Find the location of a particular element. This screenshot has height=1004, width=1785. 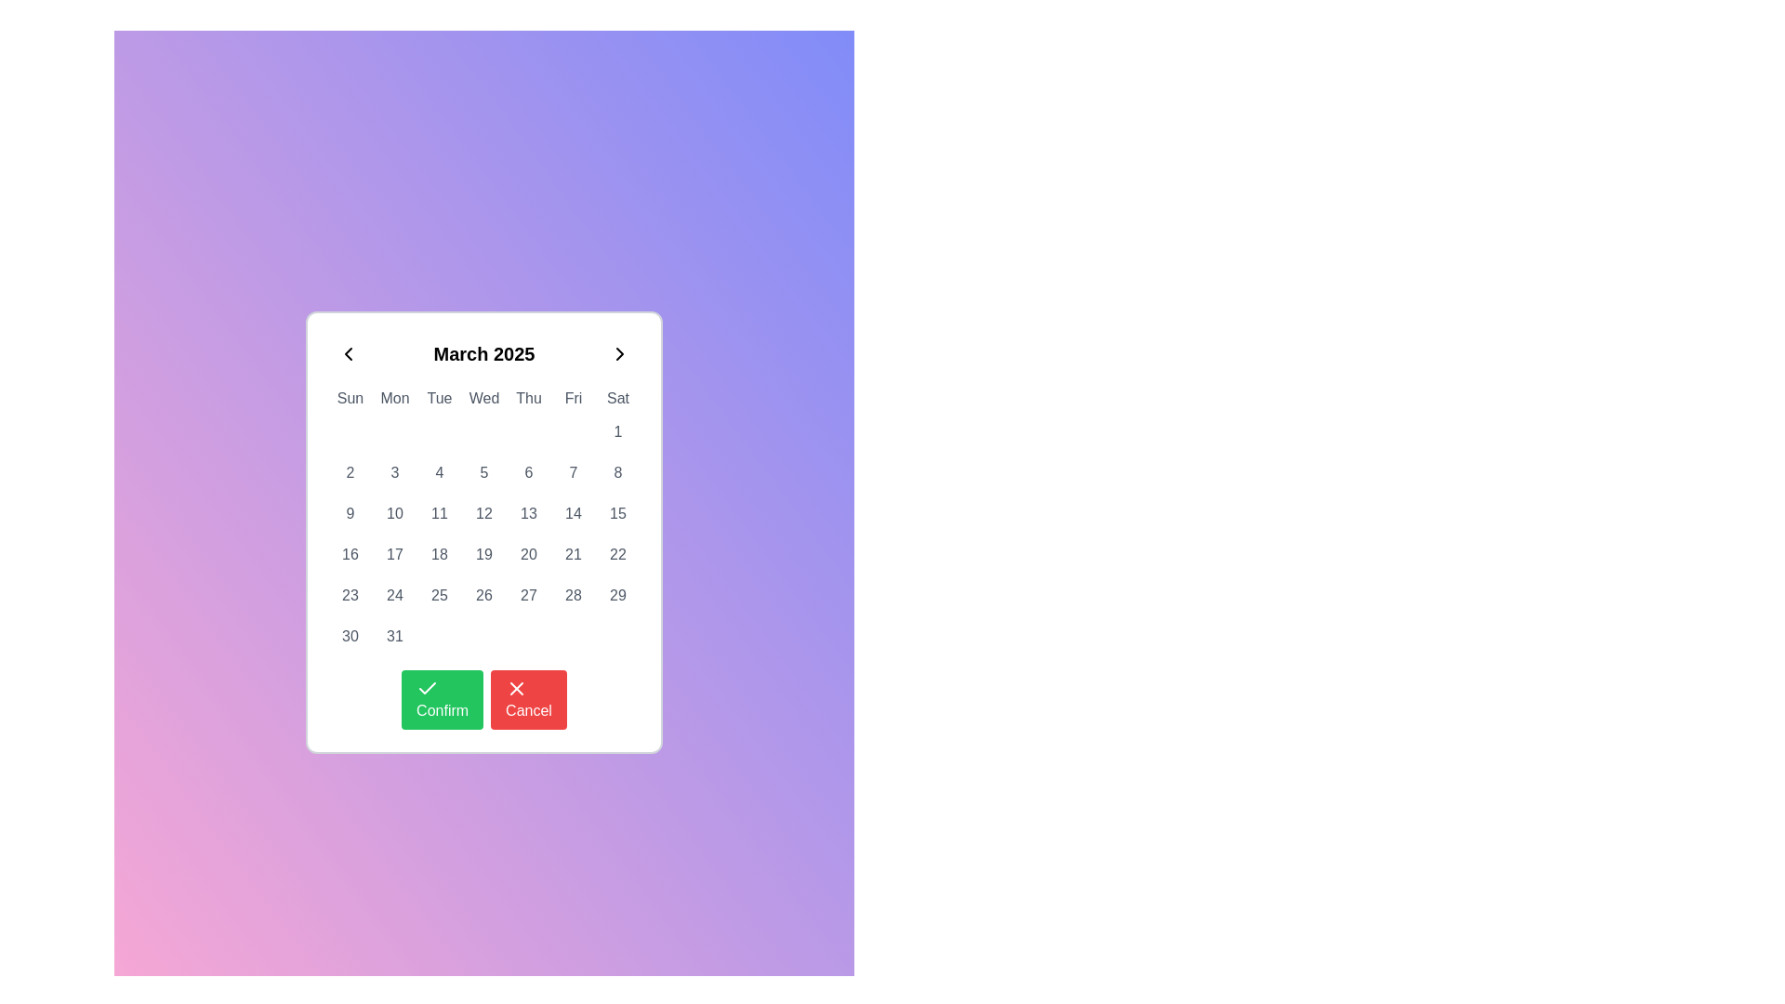

the rounded rectangular button displaying '16' in a bold, dark gray font is located at coordinates (350, 554).